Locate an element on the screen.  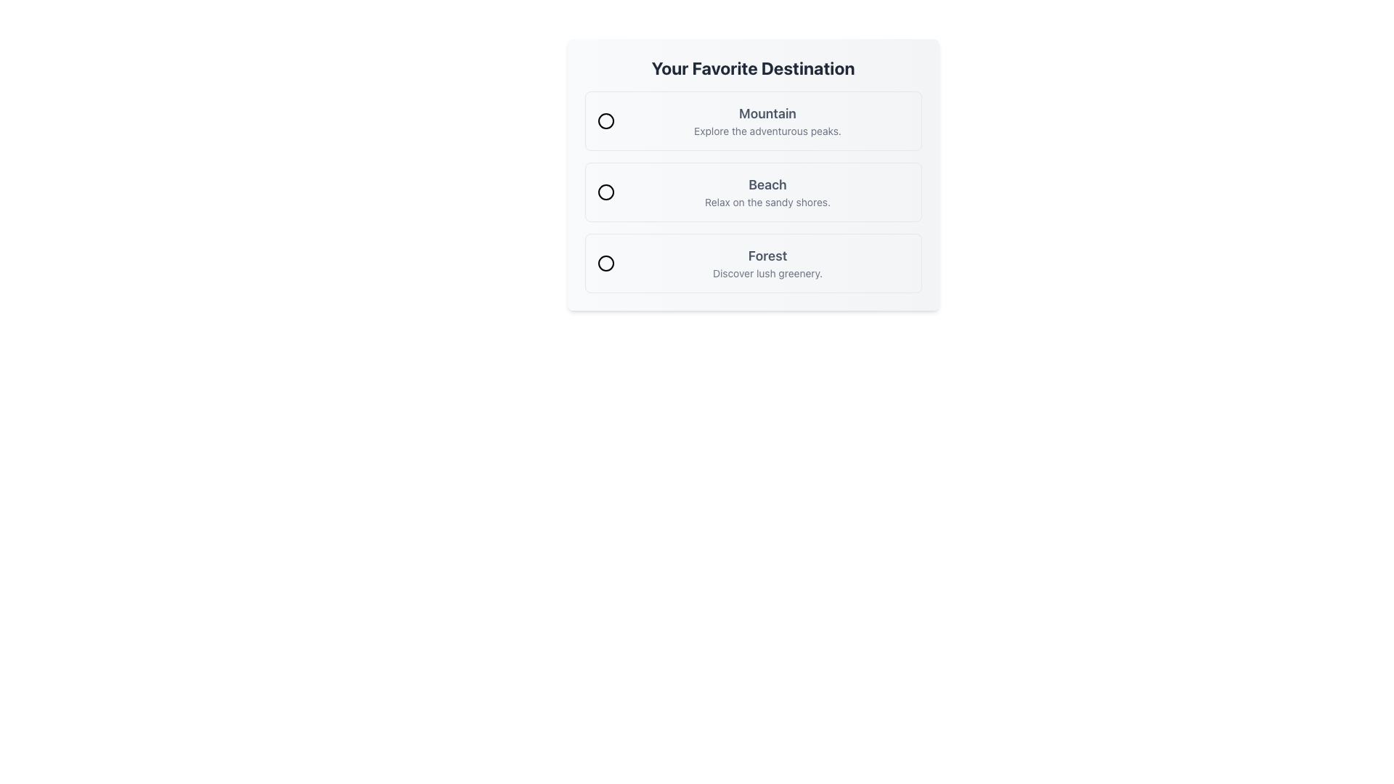
the informational text block that describes the 'Mountain' option, which is positioned below the circular selection indicator in the first selectable option under 'Your Favorite Destination' is located at coordinates (767, 120).